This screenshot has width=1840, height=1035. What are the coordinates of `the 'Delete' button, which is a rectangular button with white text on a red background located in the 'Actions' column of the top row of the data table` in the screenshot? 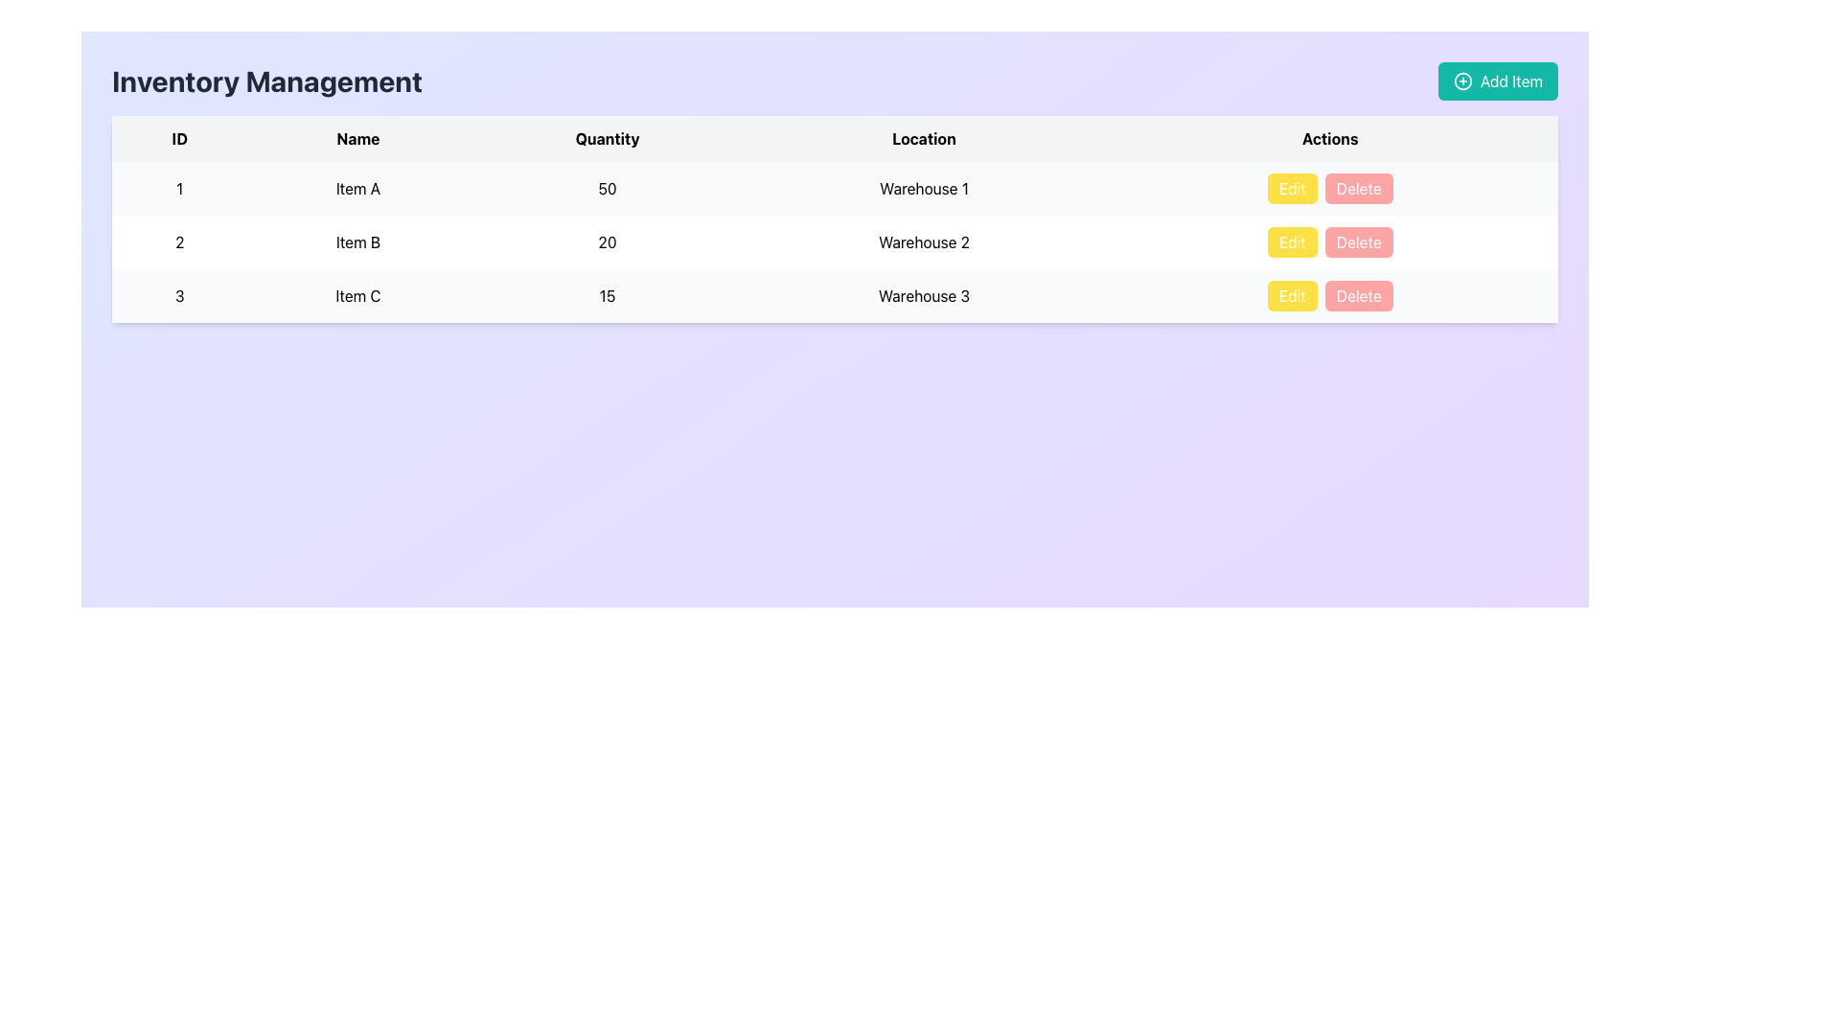 It's located at (1358, 188).